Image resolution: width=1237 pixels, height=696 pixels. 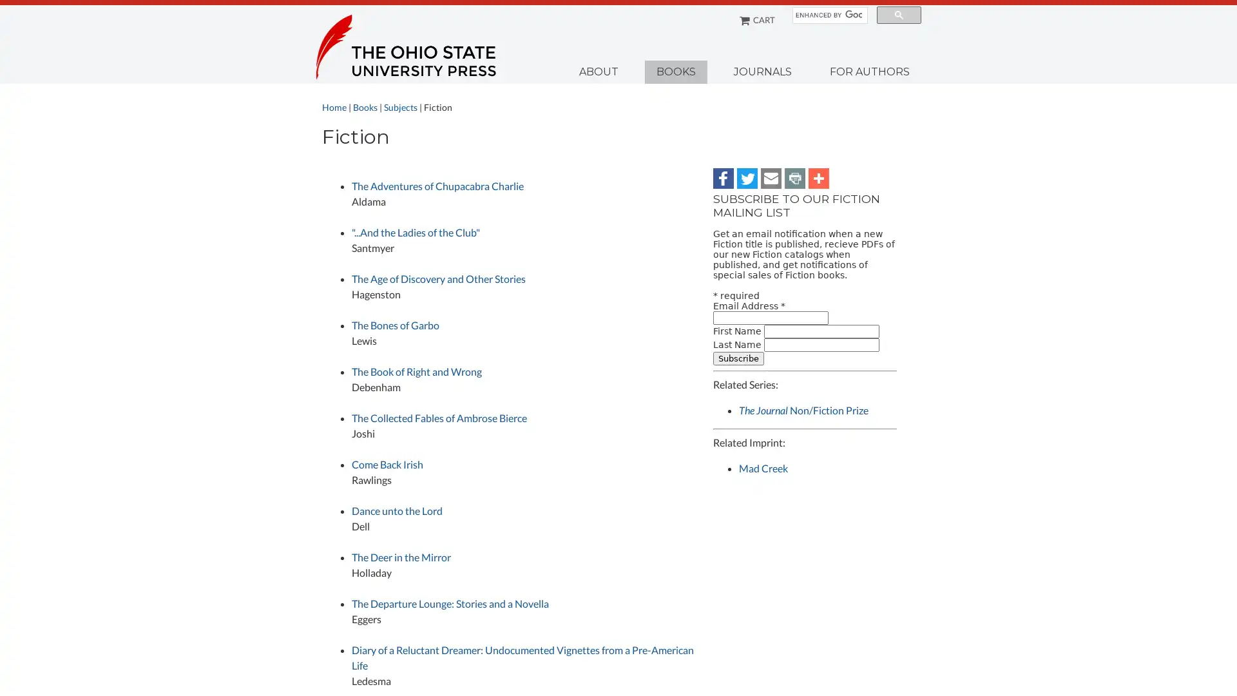 What do you see at coordinates (724, 178) in the screenshot?
I see `Share to Facebook` at bounding box center [724, 178].